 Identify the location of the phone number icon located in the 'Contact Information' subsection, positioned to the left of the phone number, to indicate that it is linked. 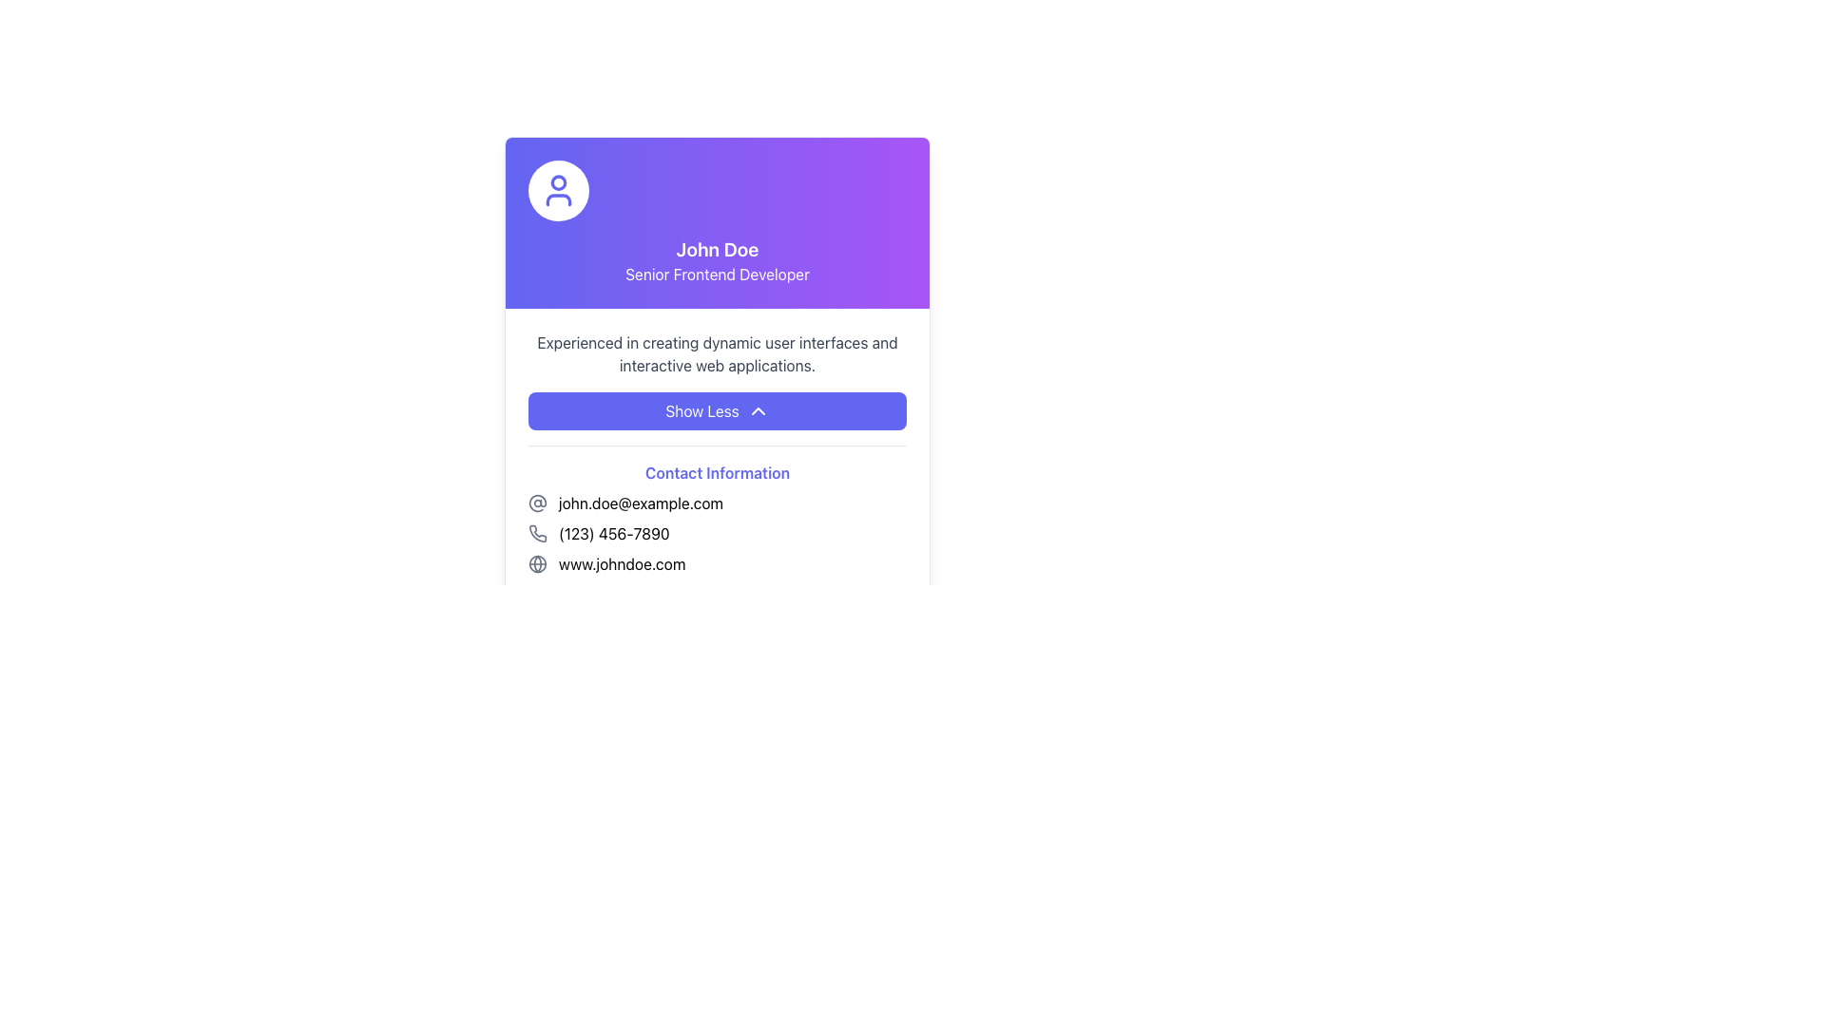
(537, 533).